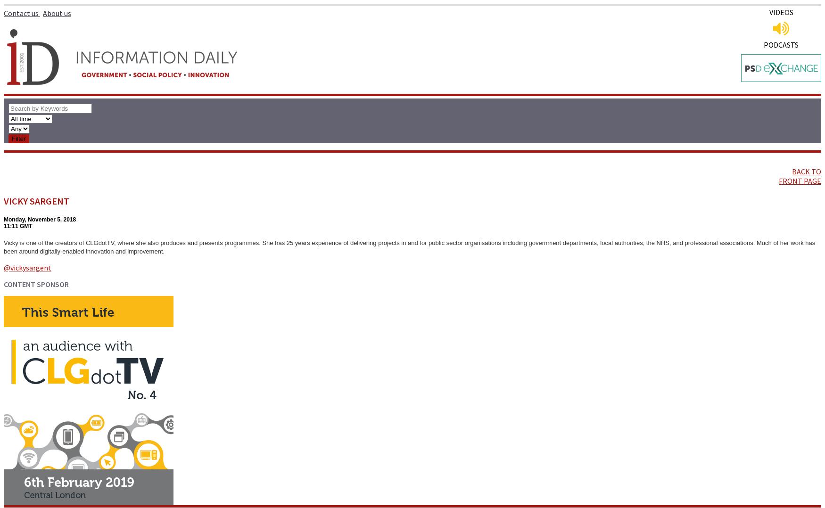 Image resolution: width=825 pixels, height=508 pixels. I want to click on 'Content Sponsor', so click(36, 284).